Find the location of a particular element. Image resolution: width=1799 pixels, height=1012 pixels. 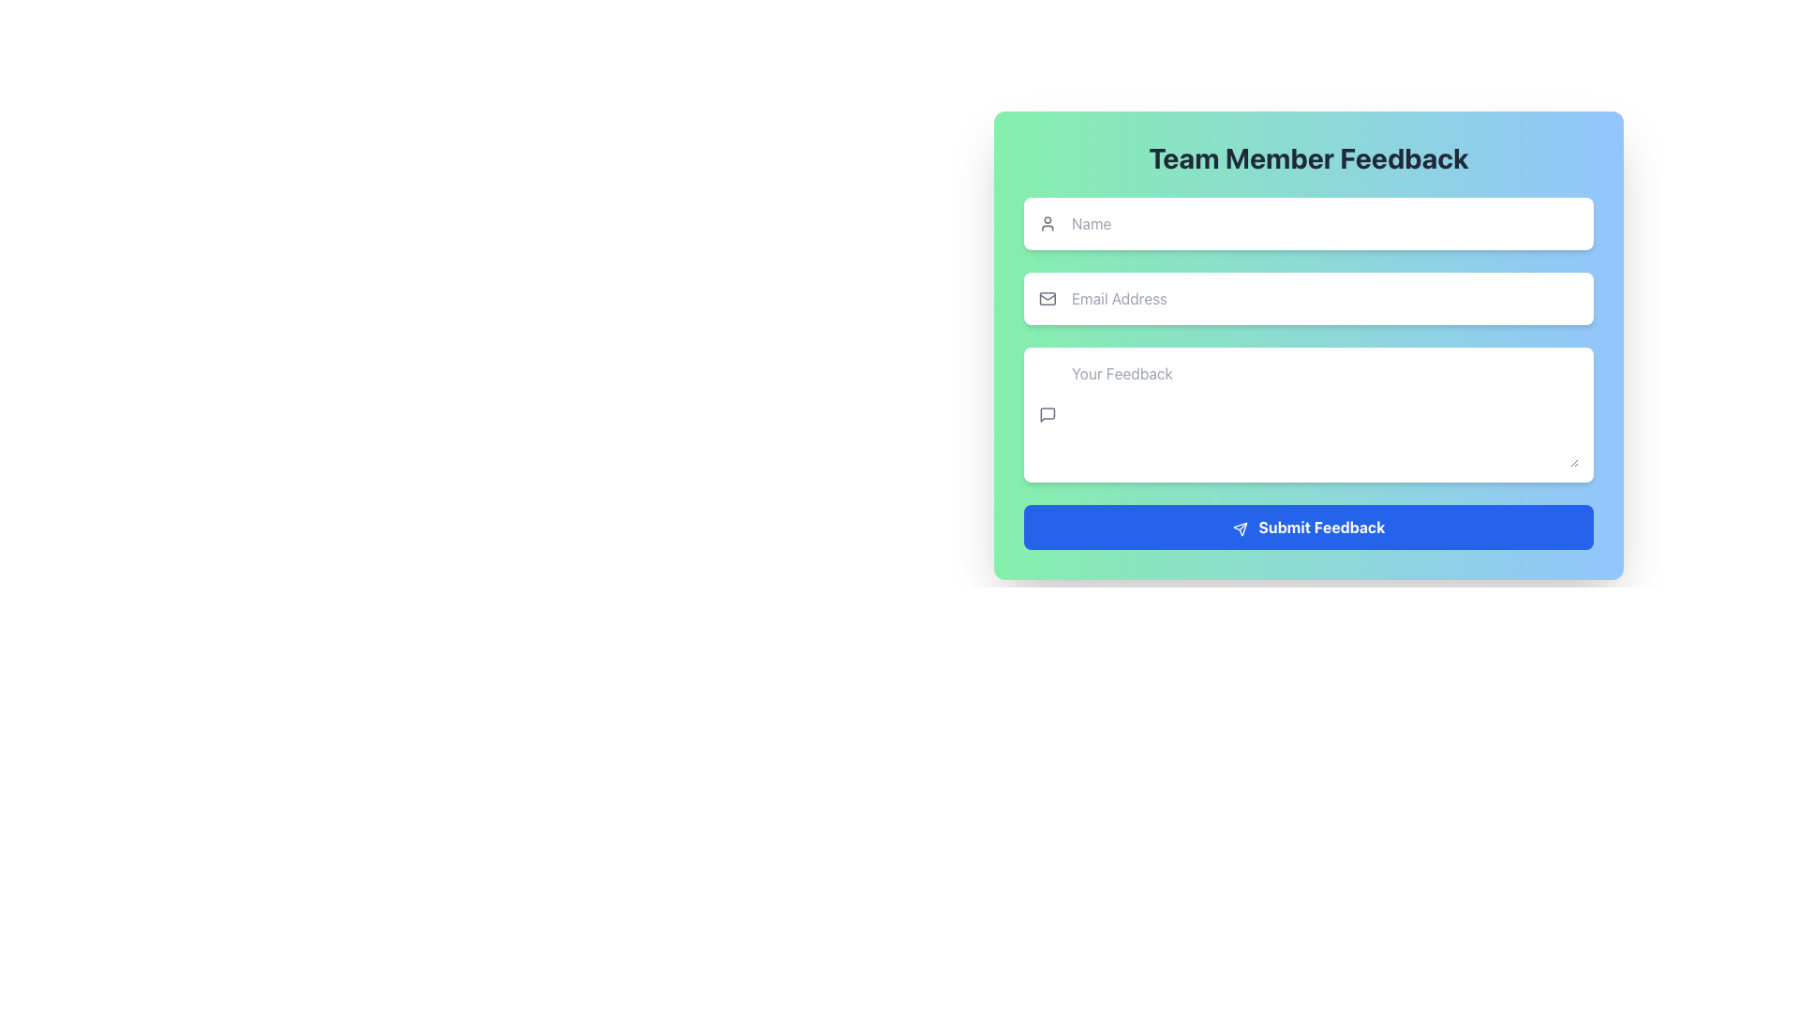

the icon that indicates the purpose of the adjacent text input field for entering a user's name, which is positioned to the left of the 'Name' field in the 'Team Member Feedback' form is located at coordinates (1047, 223).